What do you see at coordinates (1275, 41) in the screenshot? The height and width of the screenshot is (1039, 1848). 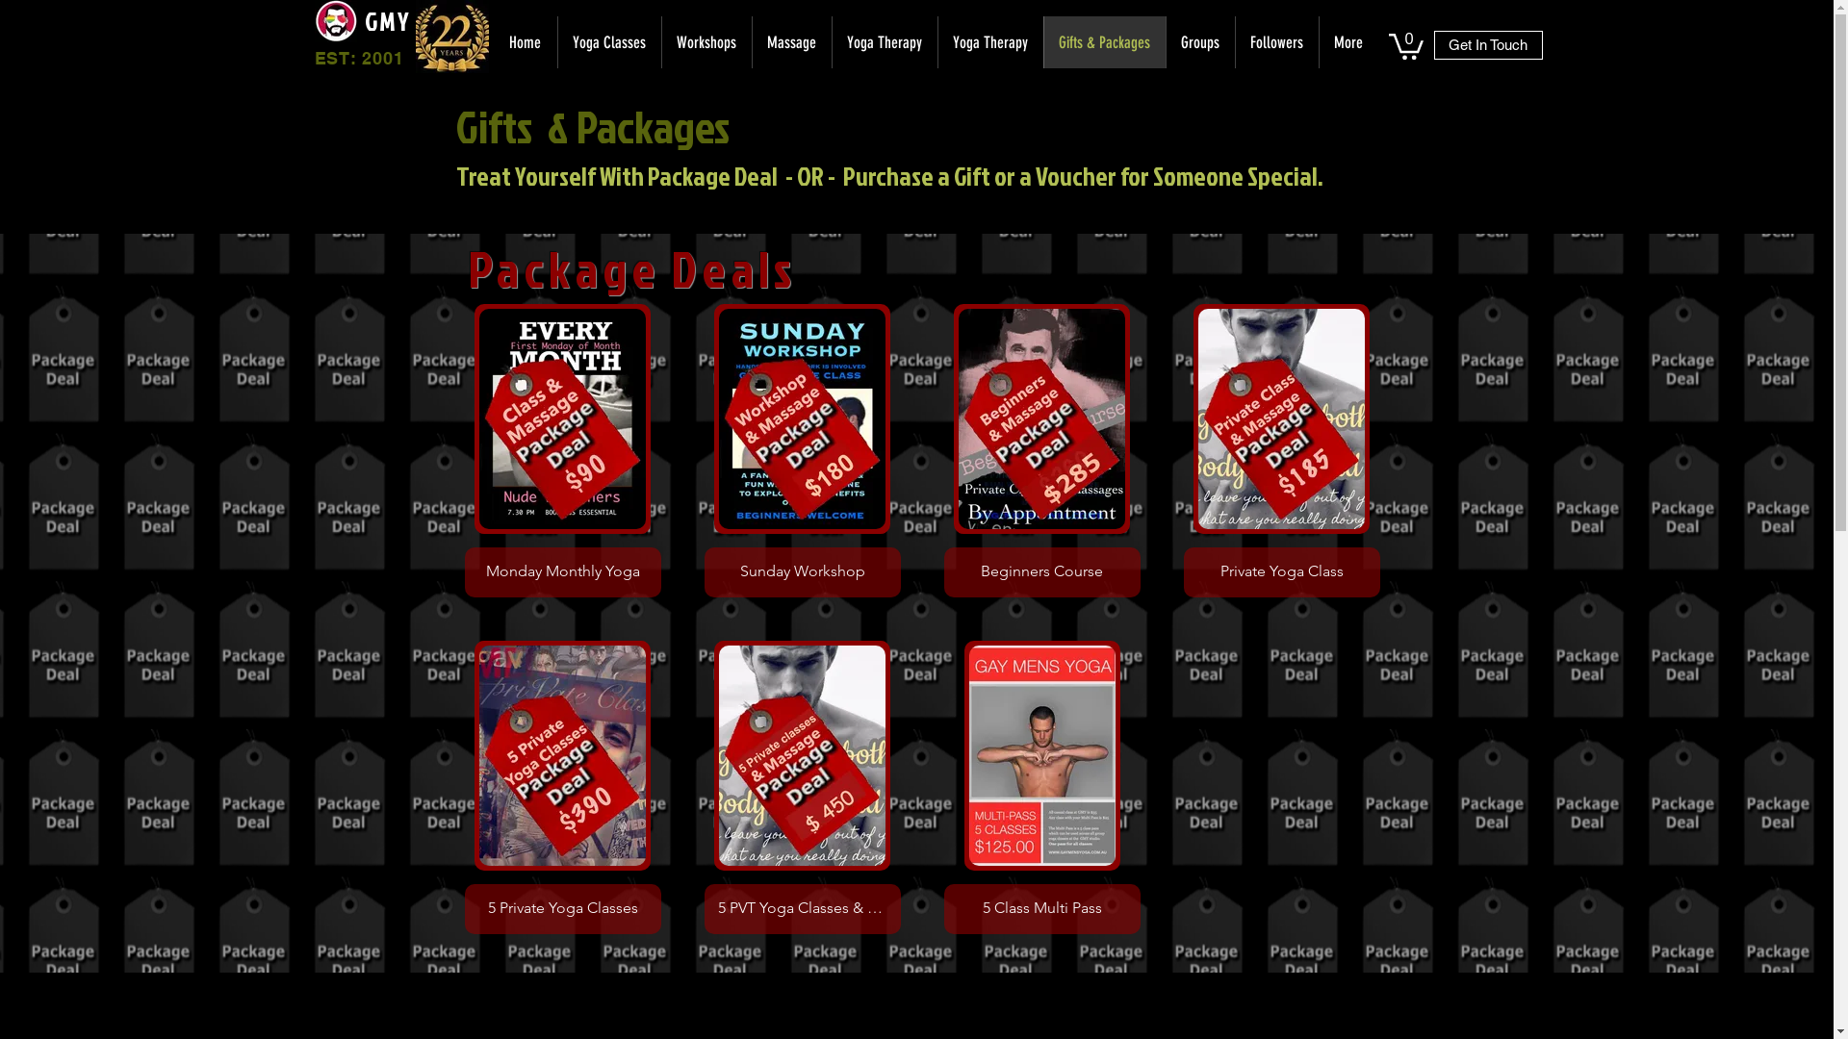 I see `'Followers'` at bounding box center [1275, 41].